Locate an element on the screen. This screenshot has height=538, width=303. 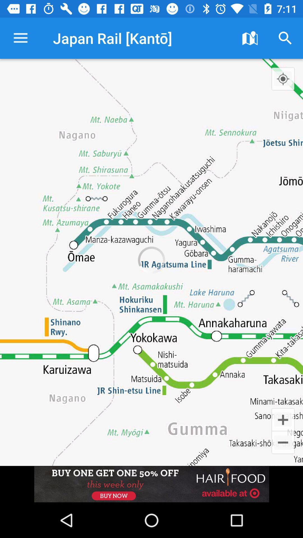
see my location is located at coordinates (283, 78).